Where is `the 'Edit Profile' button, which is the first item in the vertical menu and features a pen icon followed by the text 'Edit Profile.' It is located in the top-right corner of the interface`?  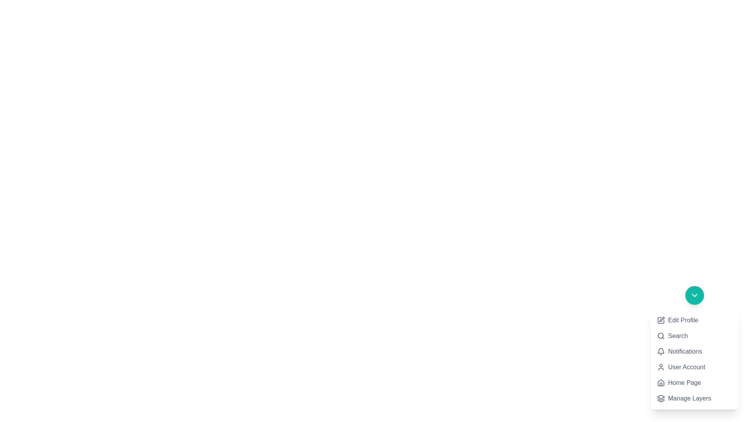 the 'Edit Profile' button, which is the first item in the vertical menu and features a pen icon followed by the text 'Edit Profile.' It is located in the top-right corner of the interface is located at coordinates (677, 320).